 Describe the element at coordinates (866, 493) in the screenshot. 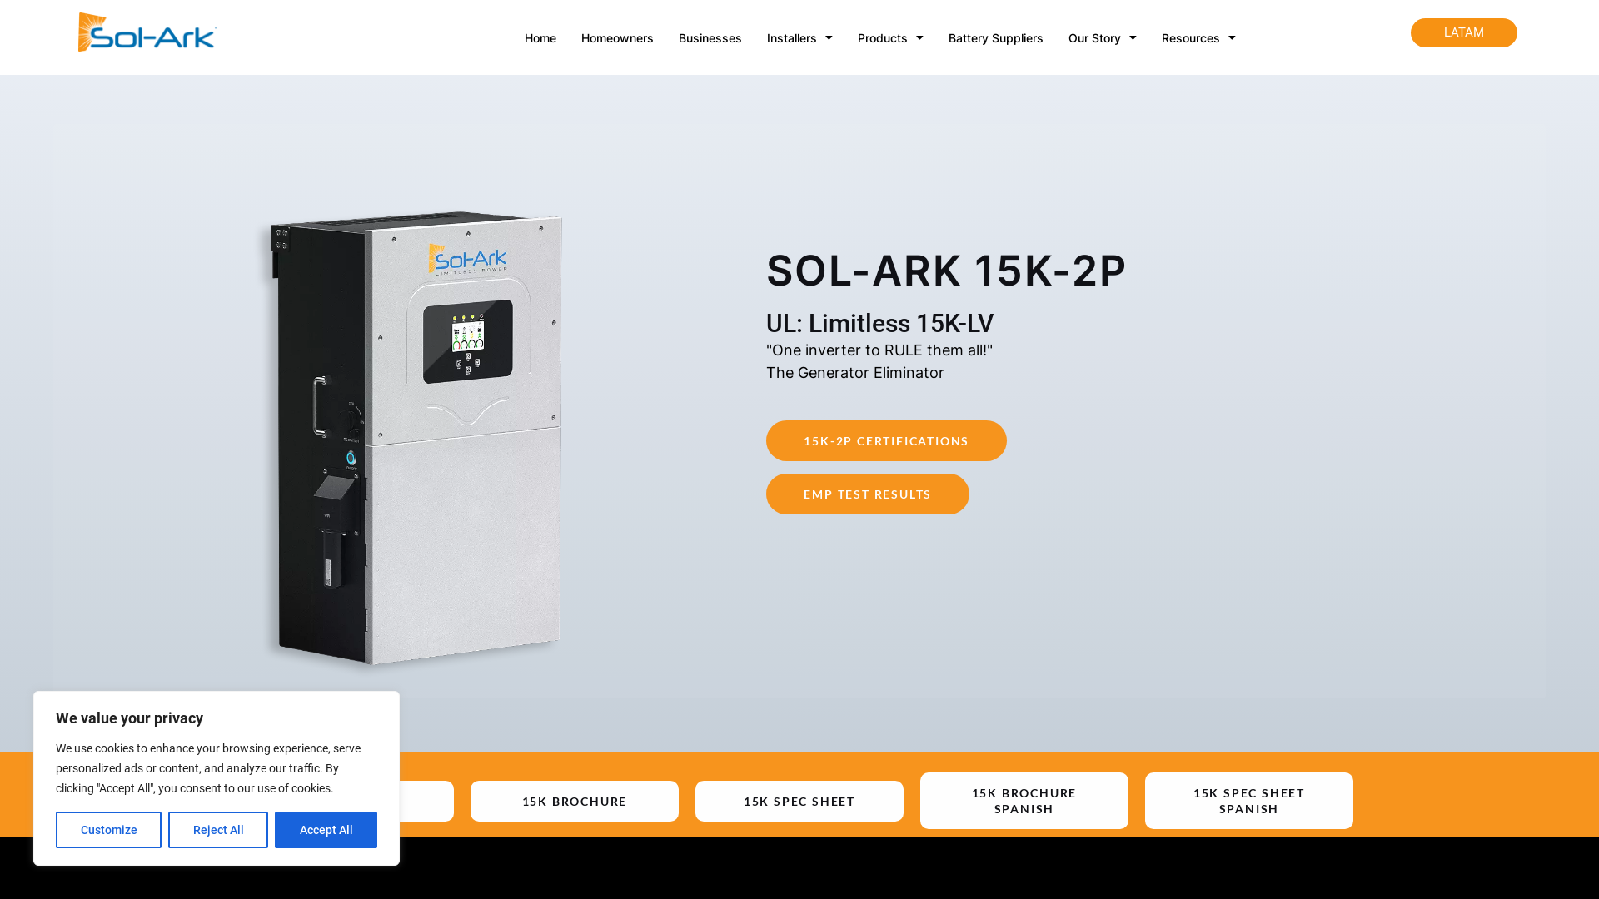

I see `'EMP TEST RESULTS'` at that location.